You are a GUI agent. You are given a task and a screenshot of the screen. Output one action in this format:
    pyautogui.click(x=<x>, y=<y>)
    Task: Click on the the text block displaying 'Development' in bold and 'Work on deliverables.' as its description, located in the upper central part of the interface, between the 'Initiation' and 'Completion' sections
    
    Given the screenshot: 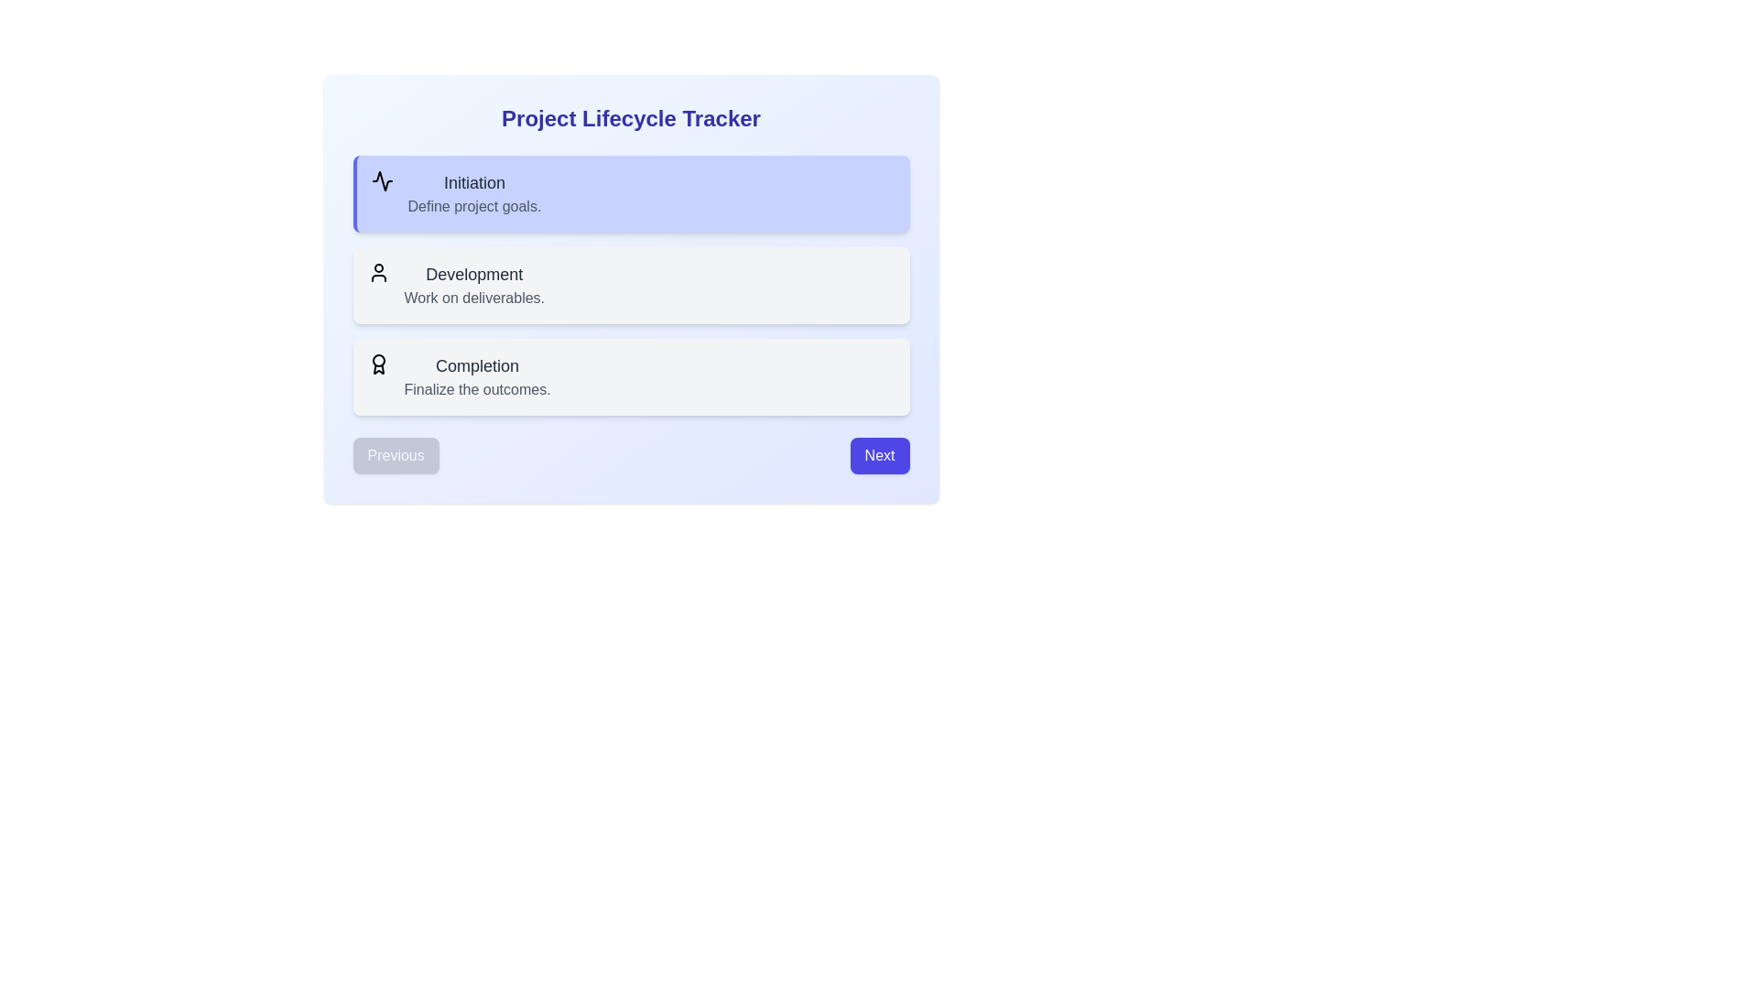 What is the action you would take?
    pyautogui.click(x=474, y=286)
    